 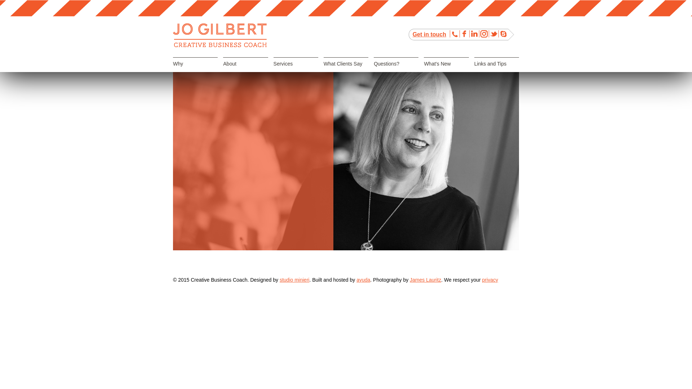 I want to click on 'Questions?', so click(x=396, y=70).